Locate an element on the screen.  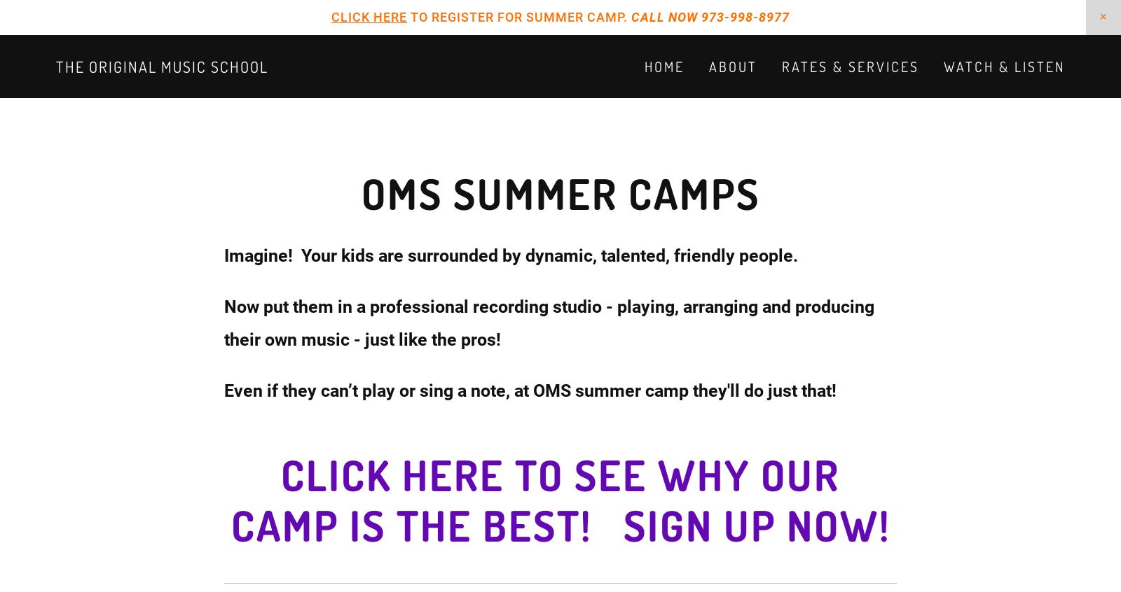
'THE ORIGINAL MUSIC SCHOOL' is located at coordinates (55, 66).